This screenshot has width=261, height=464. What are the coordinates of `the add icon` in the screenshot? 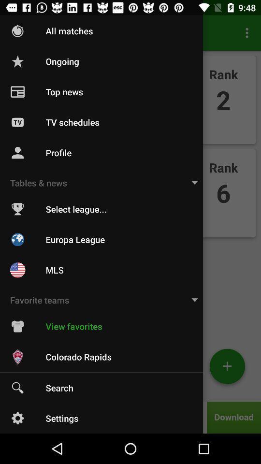 It's located at (227, 367).